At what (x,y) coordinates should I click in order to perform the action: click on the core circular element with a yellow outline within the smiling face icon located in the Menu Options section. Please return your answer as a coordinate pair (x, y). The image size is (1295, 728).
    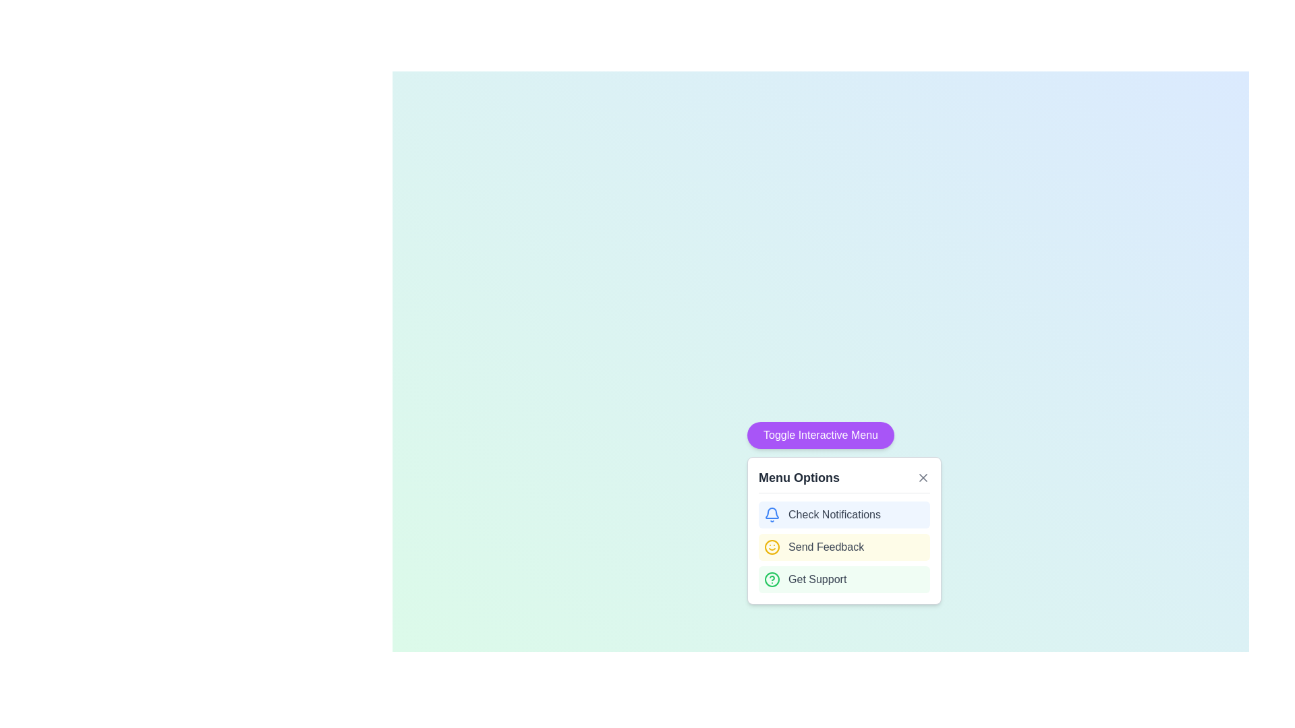
    Looking at the image, I should click on (772, 547).